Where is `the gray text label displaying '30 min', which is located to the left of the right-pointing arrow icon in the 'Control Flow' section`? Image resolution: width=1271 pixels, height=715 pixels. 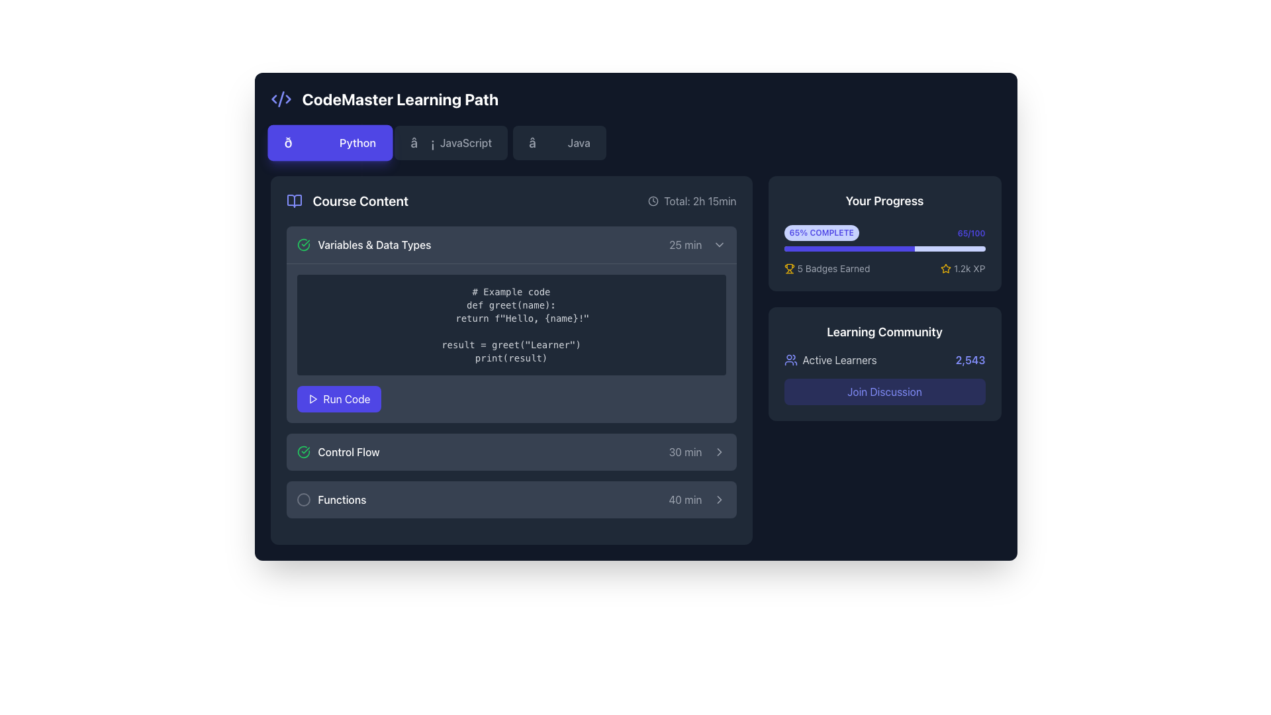
the gray text label displaying '30 min', which is located to the left of the right-pointing arrow icon in the 'Control Flow' section is located at coordinates (685, 451).